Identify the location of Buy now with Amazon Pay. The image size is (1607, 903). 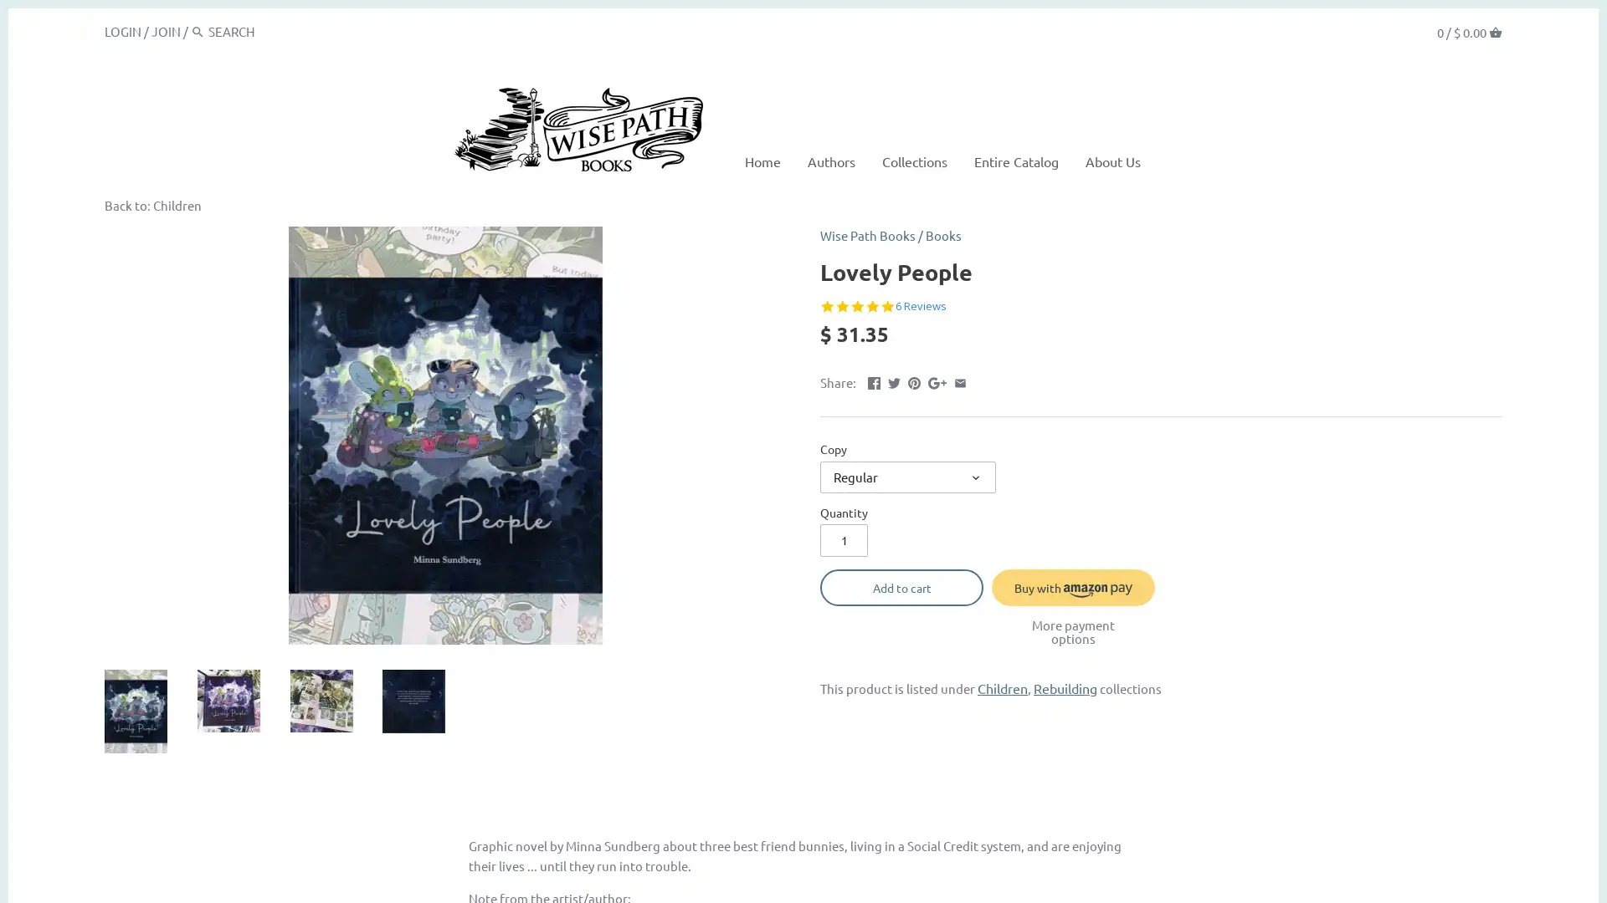
(1073, 586).